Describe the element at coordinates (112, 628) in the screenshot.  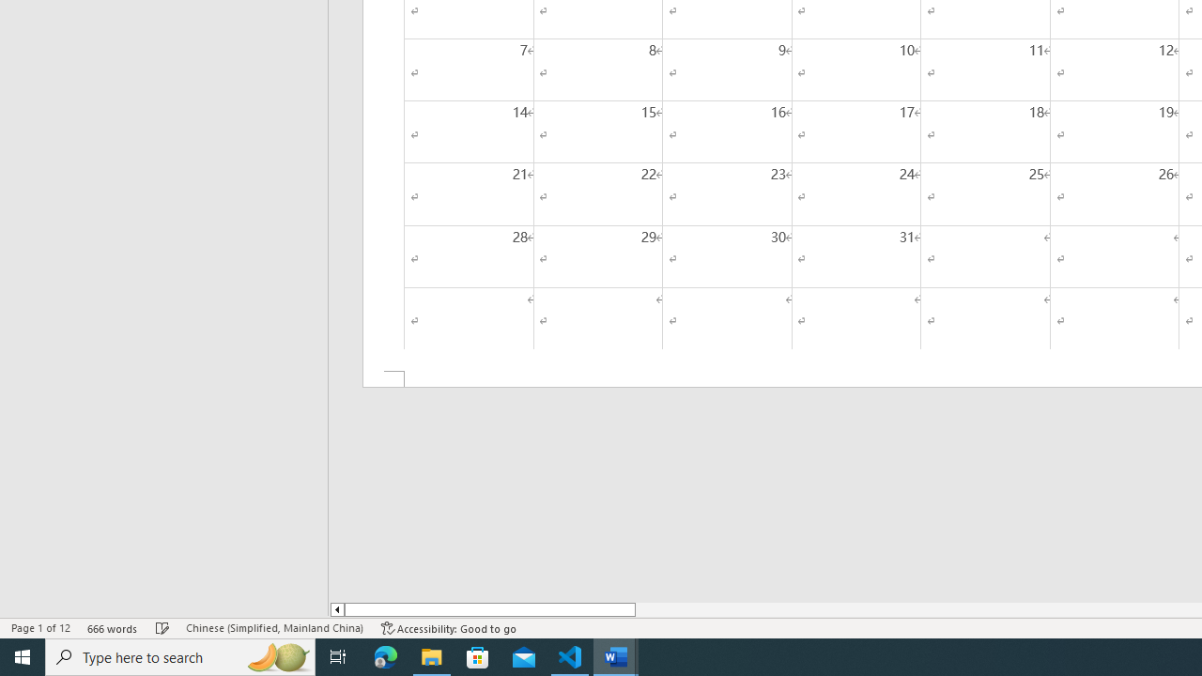
I see `'Word Count 666 words'` at that location.